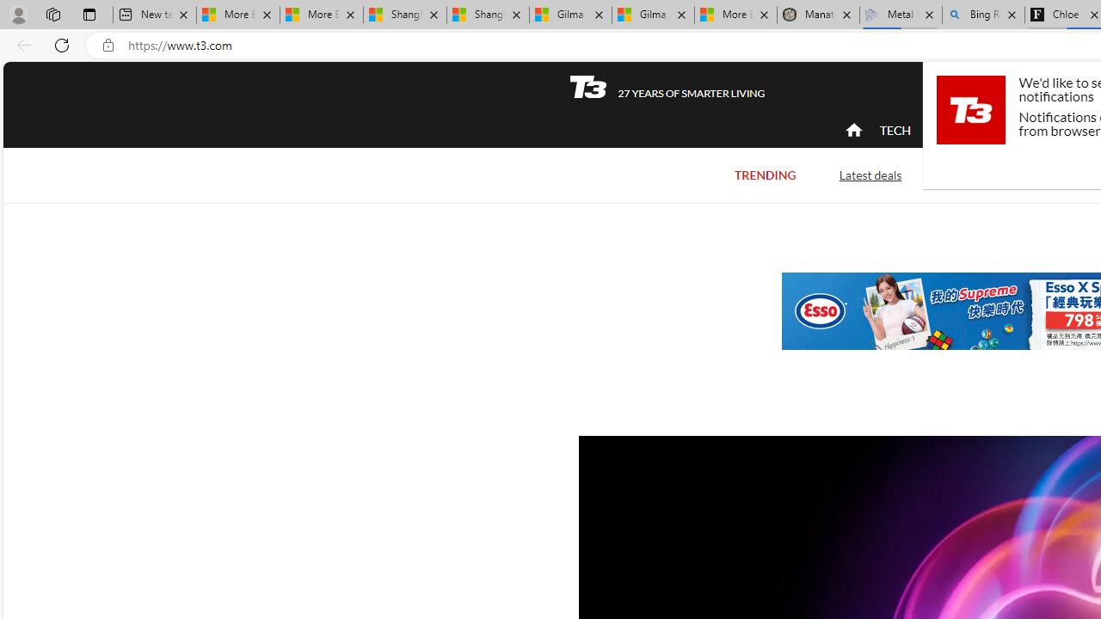 The width and height of the screenshot is (1101, 619). Describe the element at coordinates (895, 129) in the screenshot. I see `'TECH'` at that location.